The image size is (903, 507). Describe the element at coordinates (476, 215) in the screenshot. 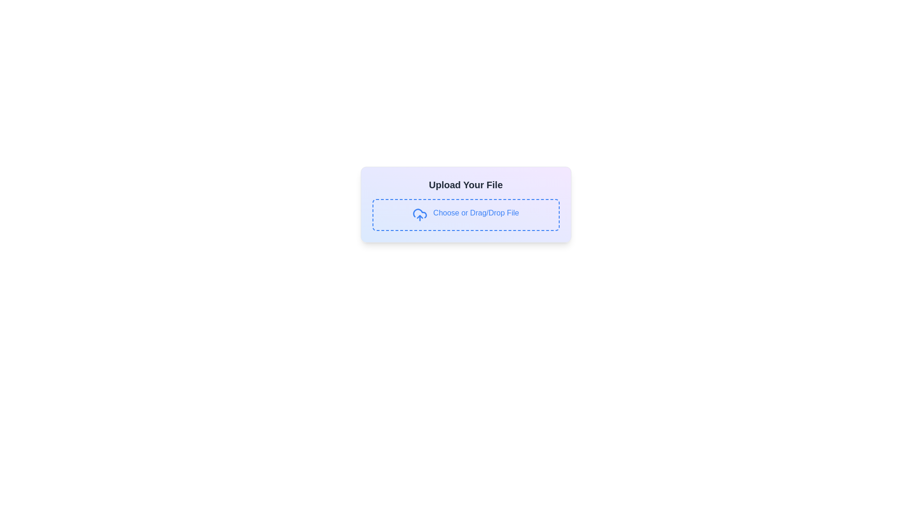

I see `the Interactive Text Link` at that location.